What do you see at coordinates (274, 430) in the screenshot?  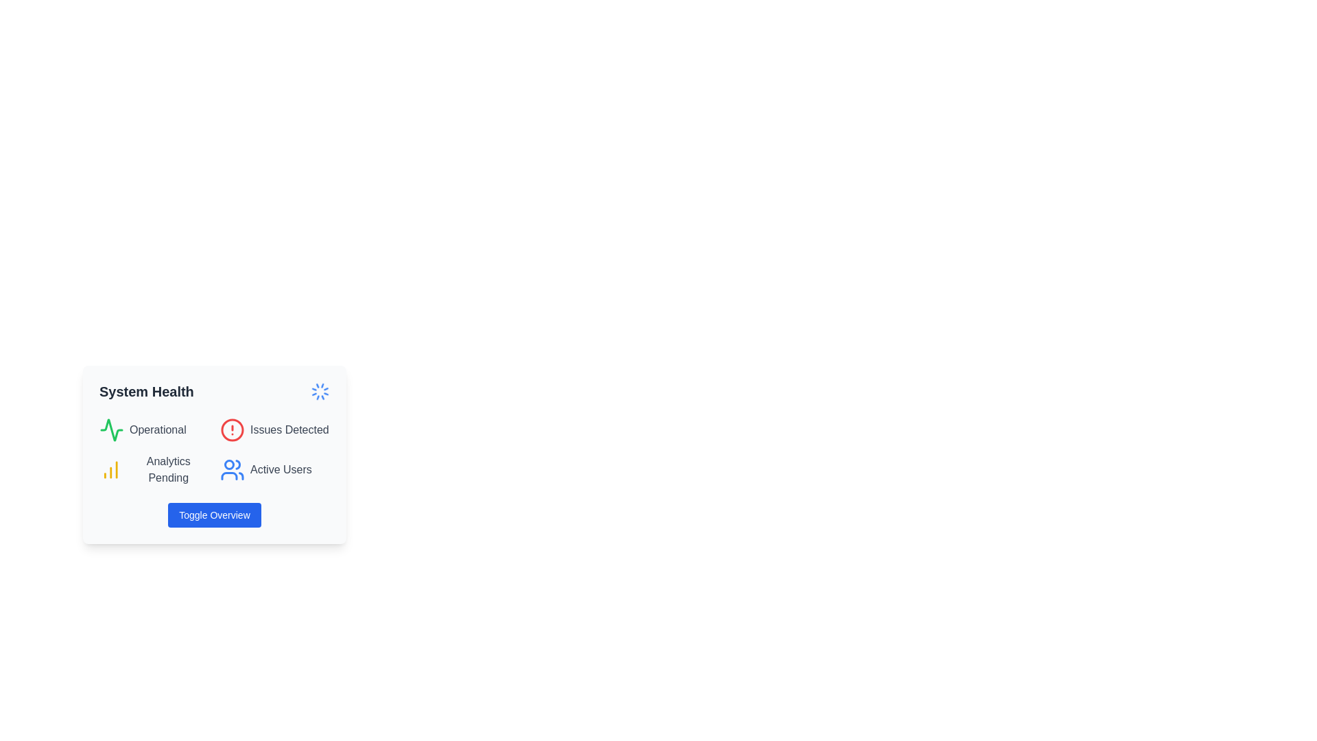 I see `the label with a red circular icon and the text 'Issues Detected', which is located in the second row under 'System Health'` at bounding box center [274, 430].